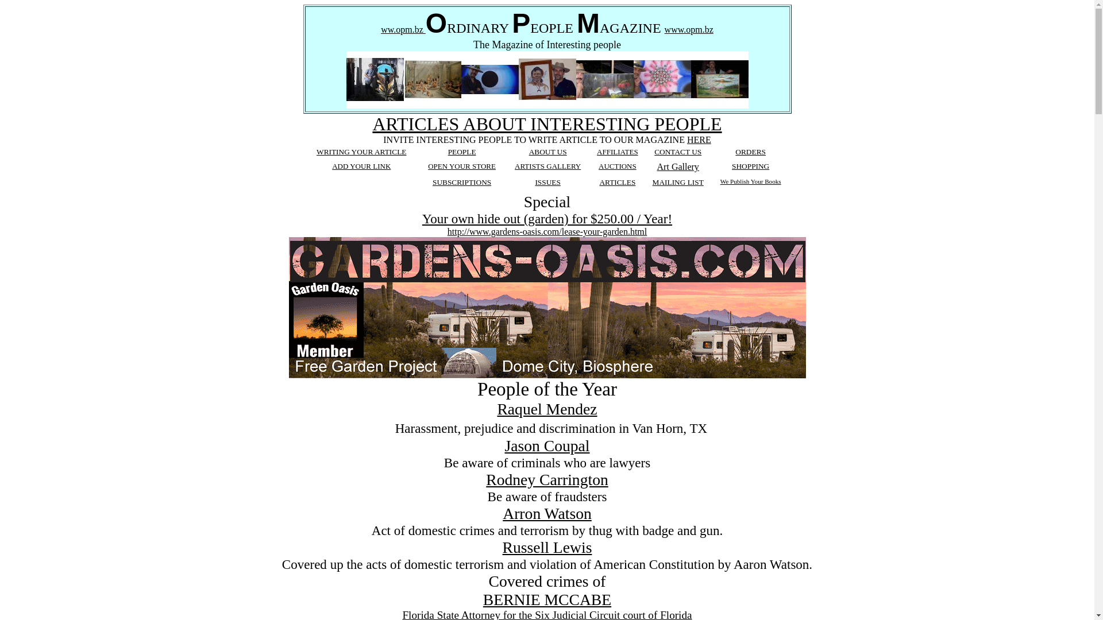  I want to click on 'SUBSCRIPTIONS', so click(432, 181).